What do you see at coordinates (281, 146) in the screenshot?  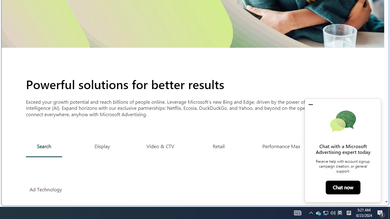 I see `'Performance Max'` at bounding box center [281, 146].